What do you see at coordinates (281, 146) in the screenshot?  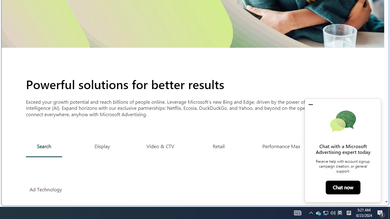 I see `'Performance Max'` at bounding box center [281, 146].